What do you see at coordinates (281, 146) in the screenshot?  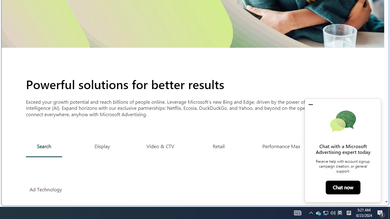 I see `'Performance Max'` at bounding box center [281, 146].